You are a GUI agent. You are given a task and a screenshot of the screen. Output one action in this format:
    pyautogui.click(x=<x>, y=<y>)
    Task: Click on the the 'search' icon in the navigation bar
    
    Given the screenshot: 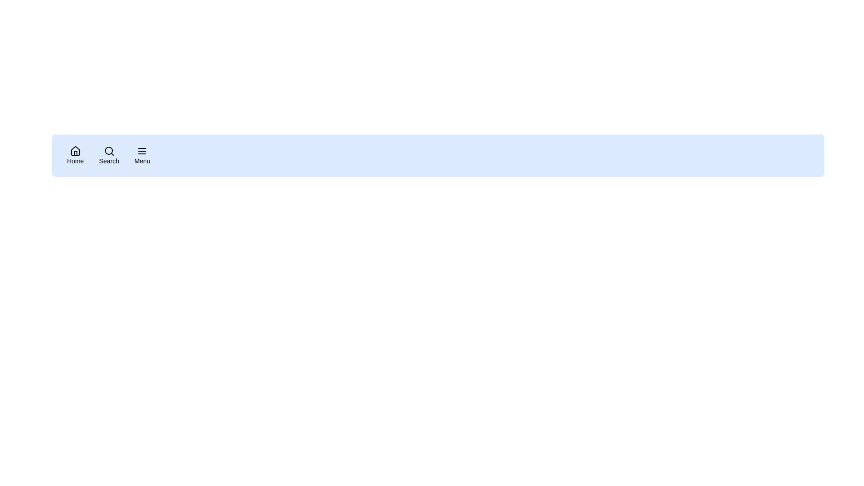 What is the action you would take?
    pyautogui.click(x=108, y=150)
    